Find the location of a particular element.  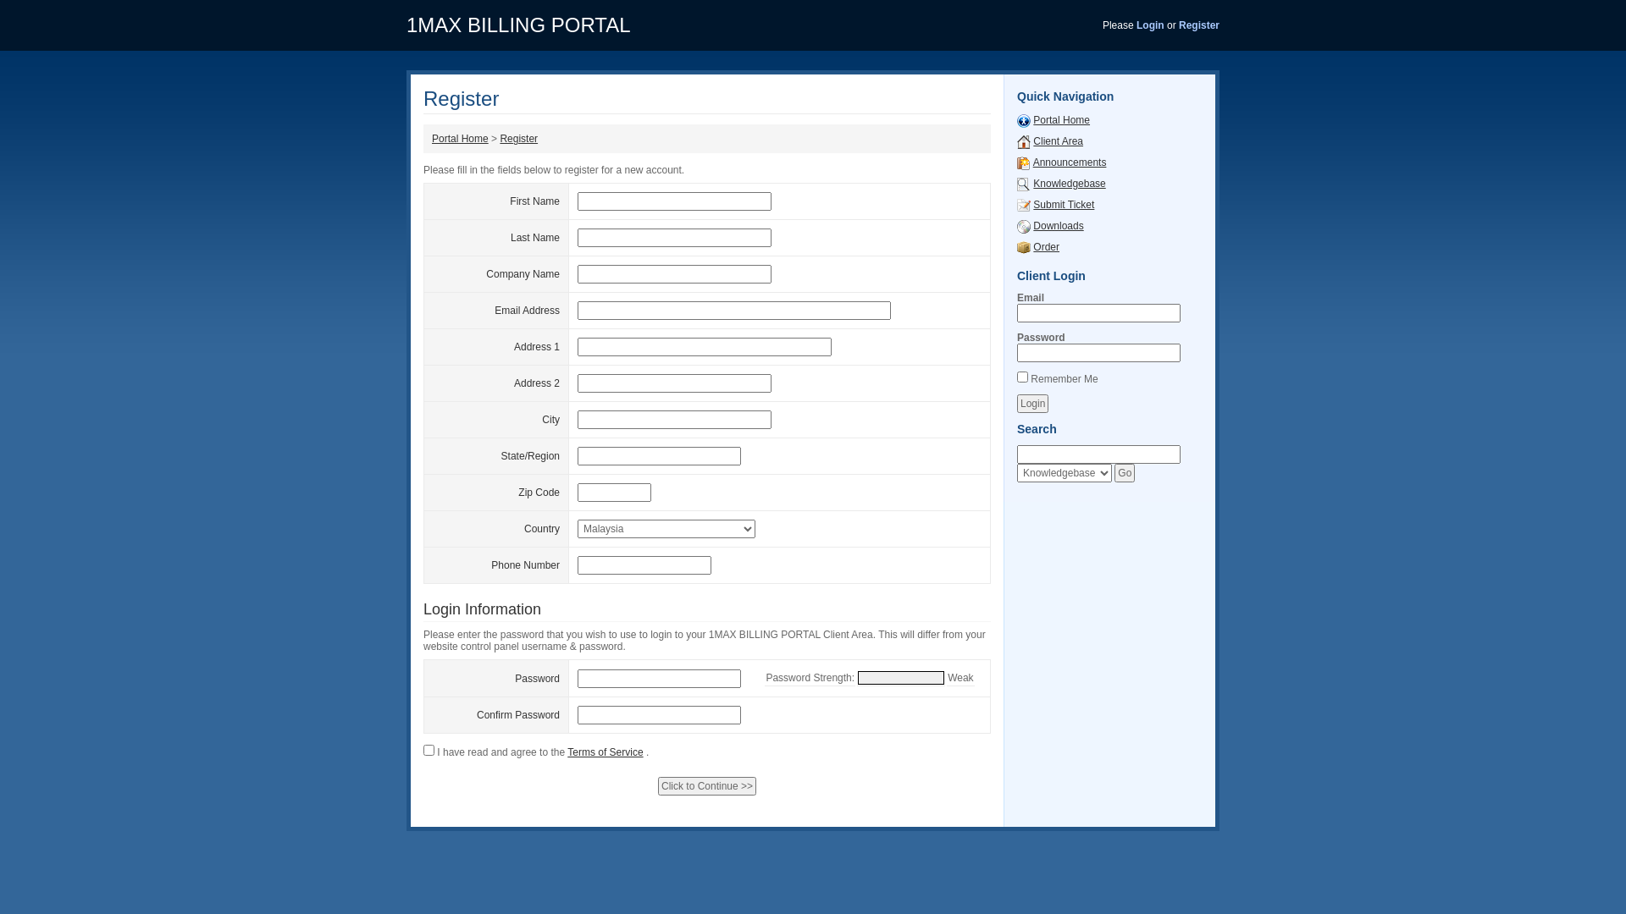

'Terms of Service' is located at coordinates (567, 751).